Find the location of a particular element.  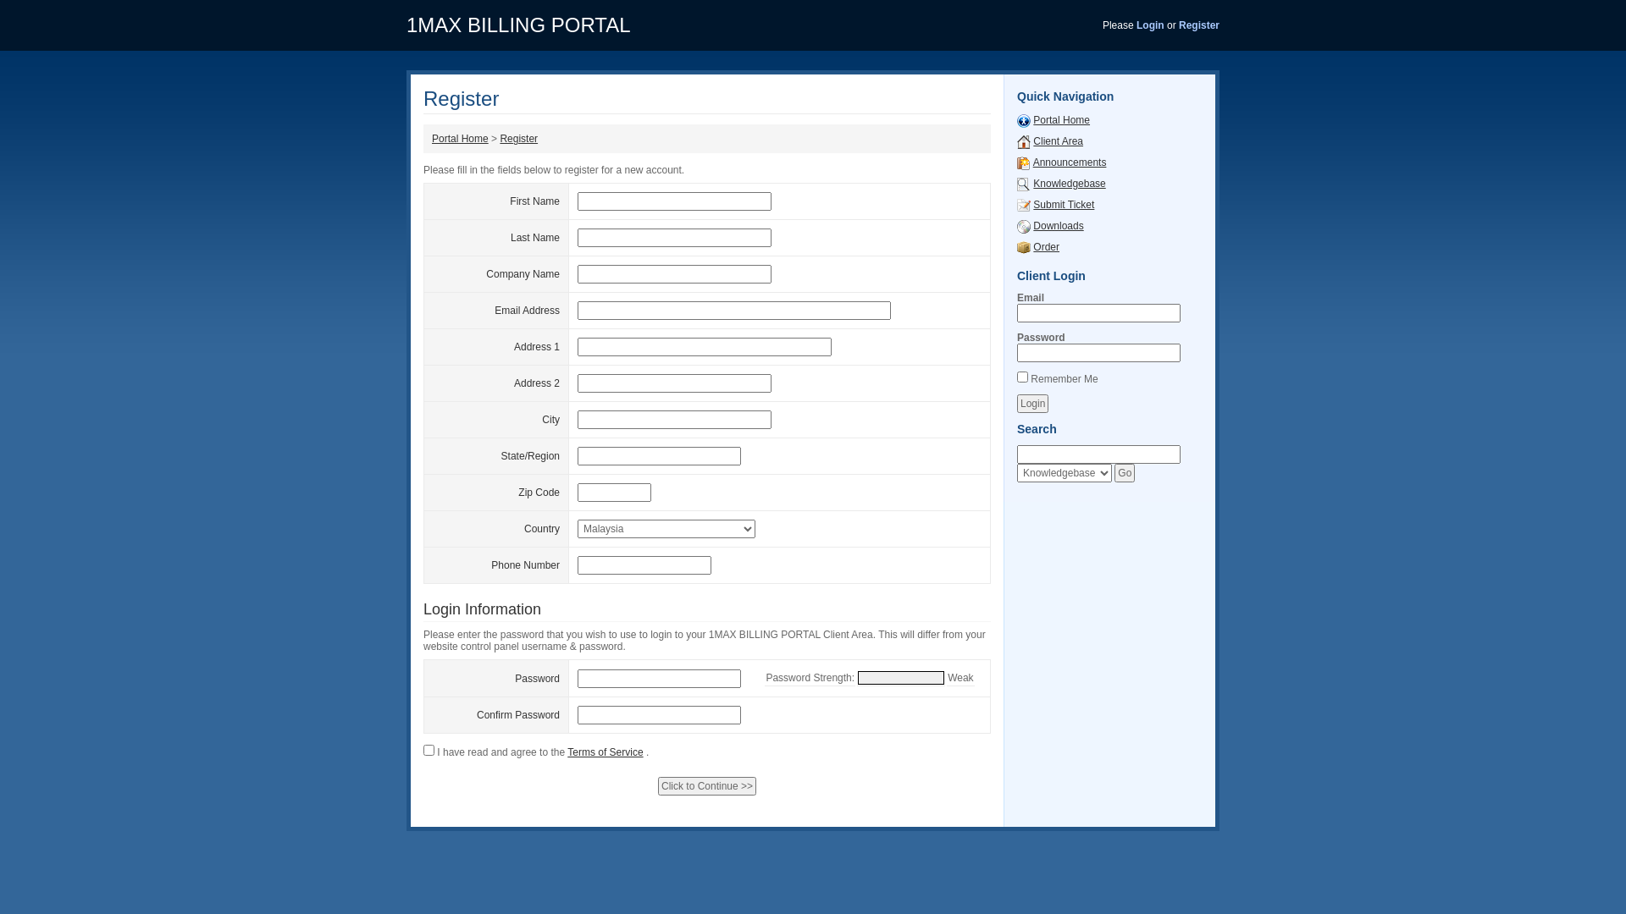

'Terms of Service' is located at coordinates (567, 751).